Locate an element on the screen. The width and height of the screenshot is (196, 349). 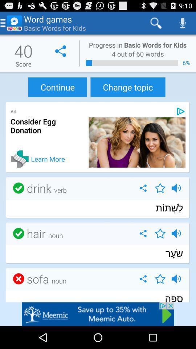
learn more icon is located at coordinates (20, 159).